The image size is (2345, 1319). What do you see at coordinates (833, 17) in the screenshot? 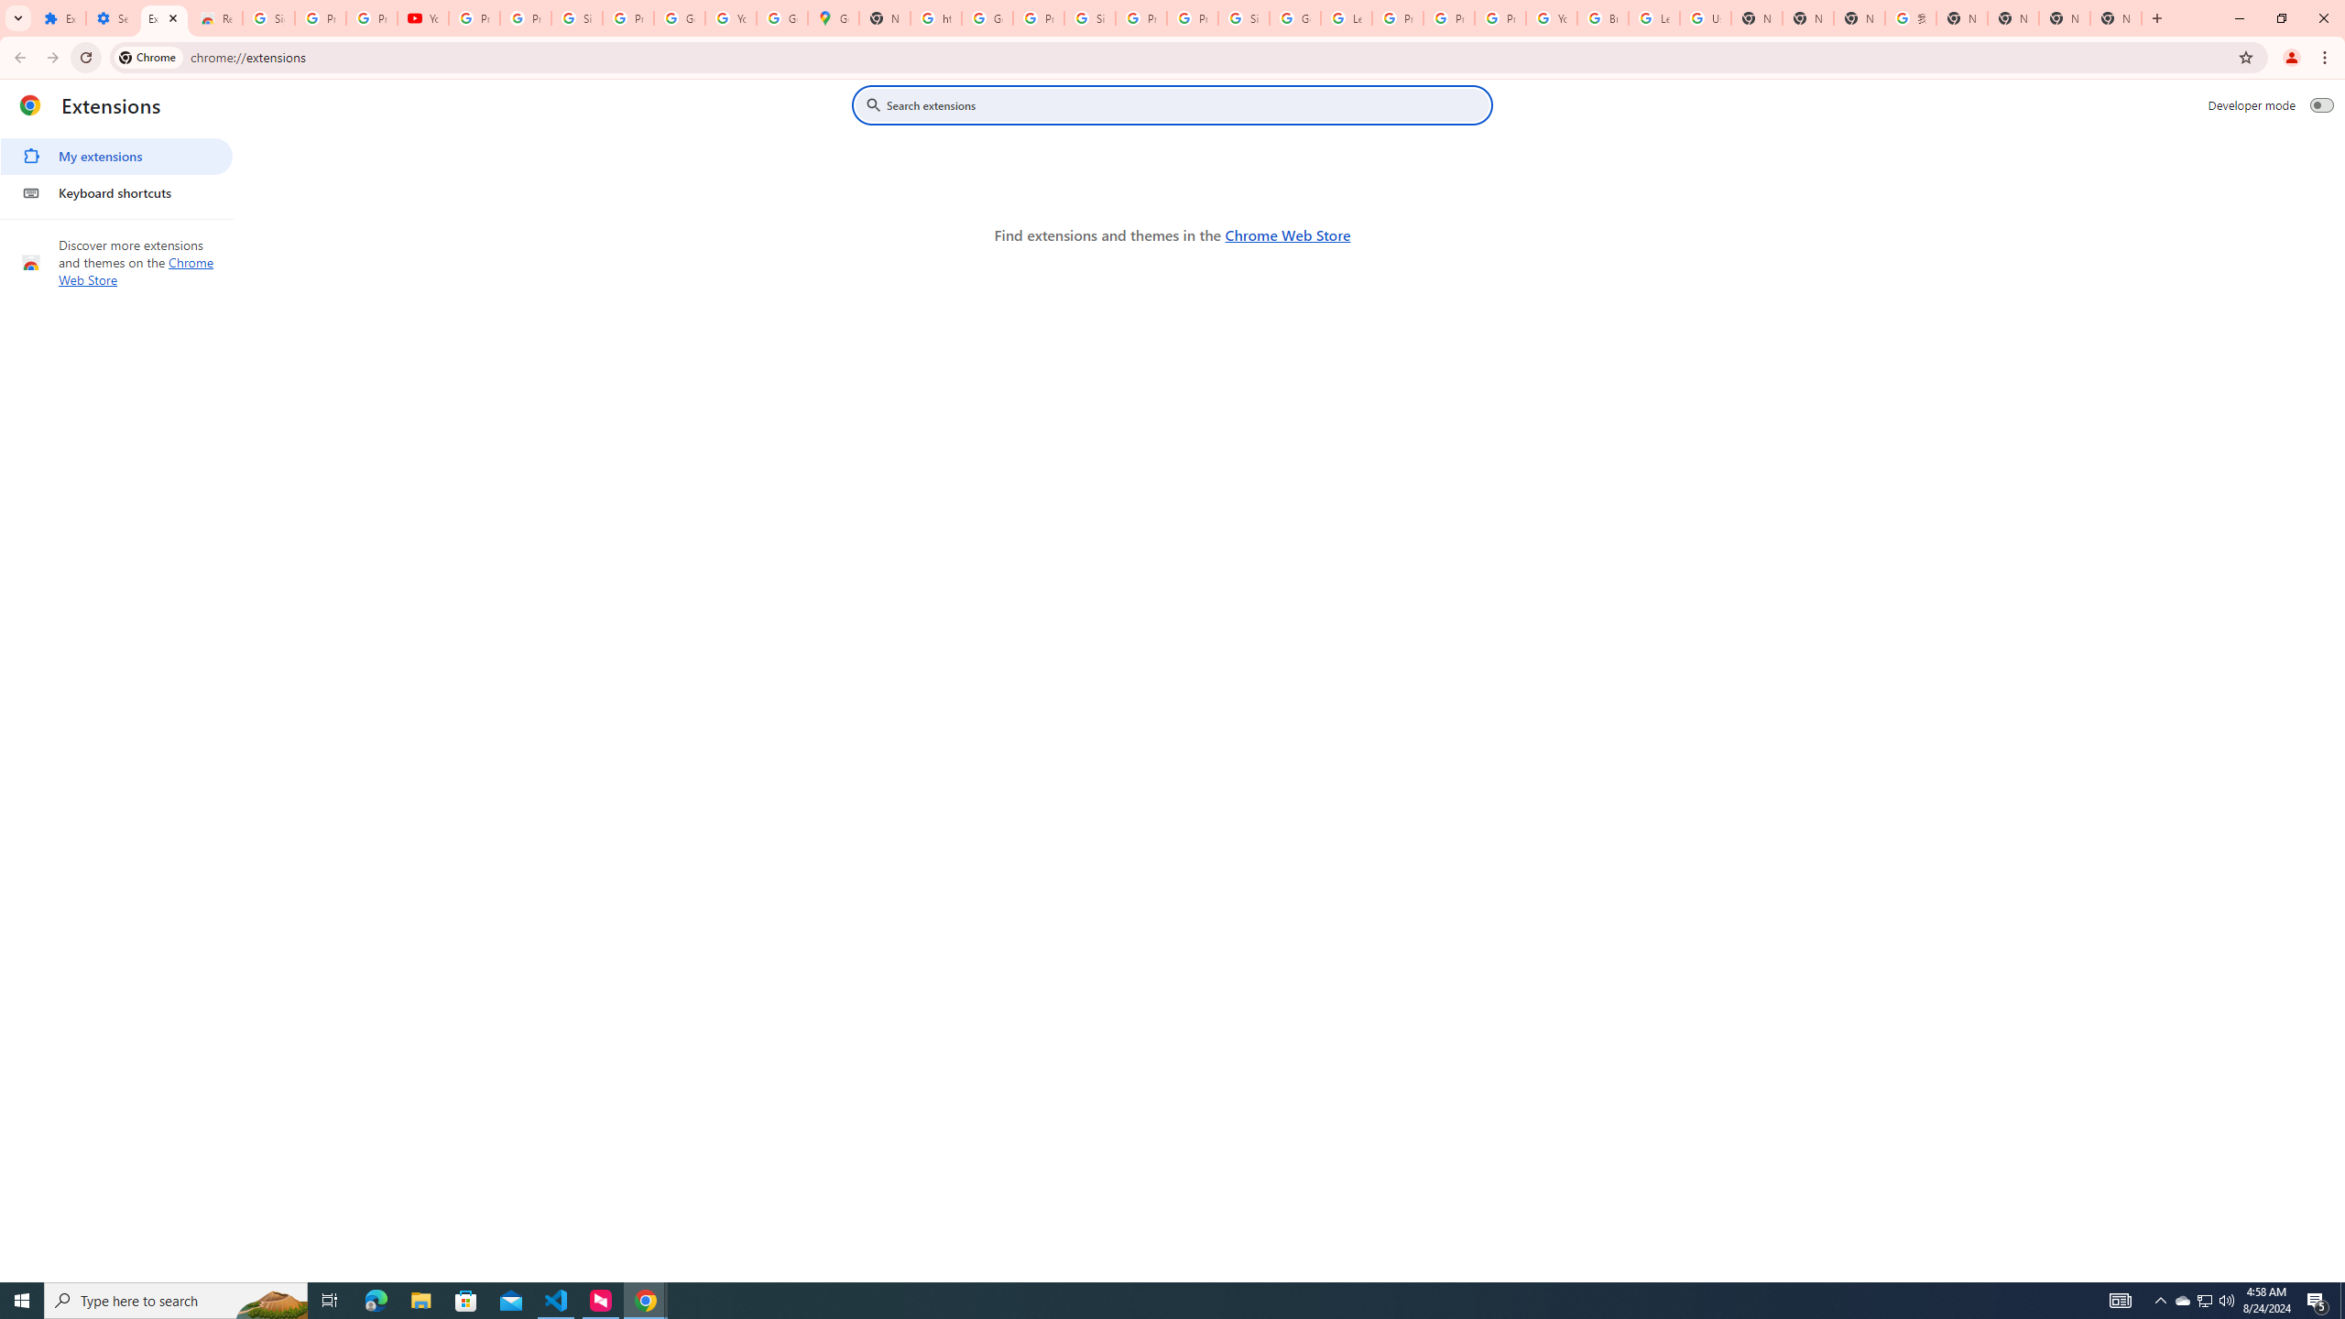
I see `'Google Maps'` at bounding box center [833, 17].